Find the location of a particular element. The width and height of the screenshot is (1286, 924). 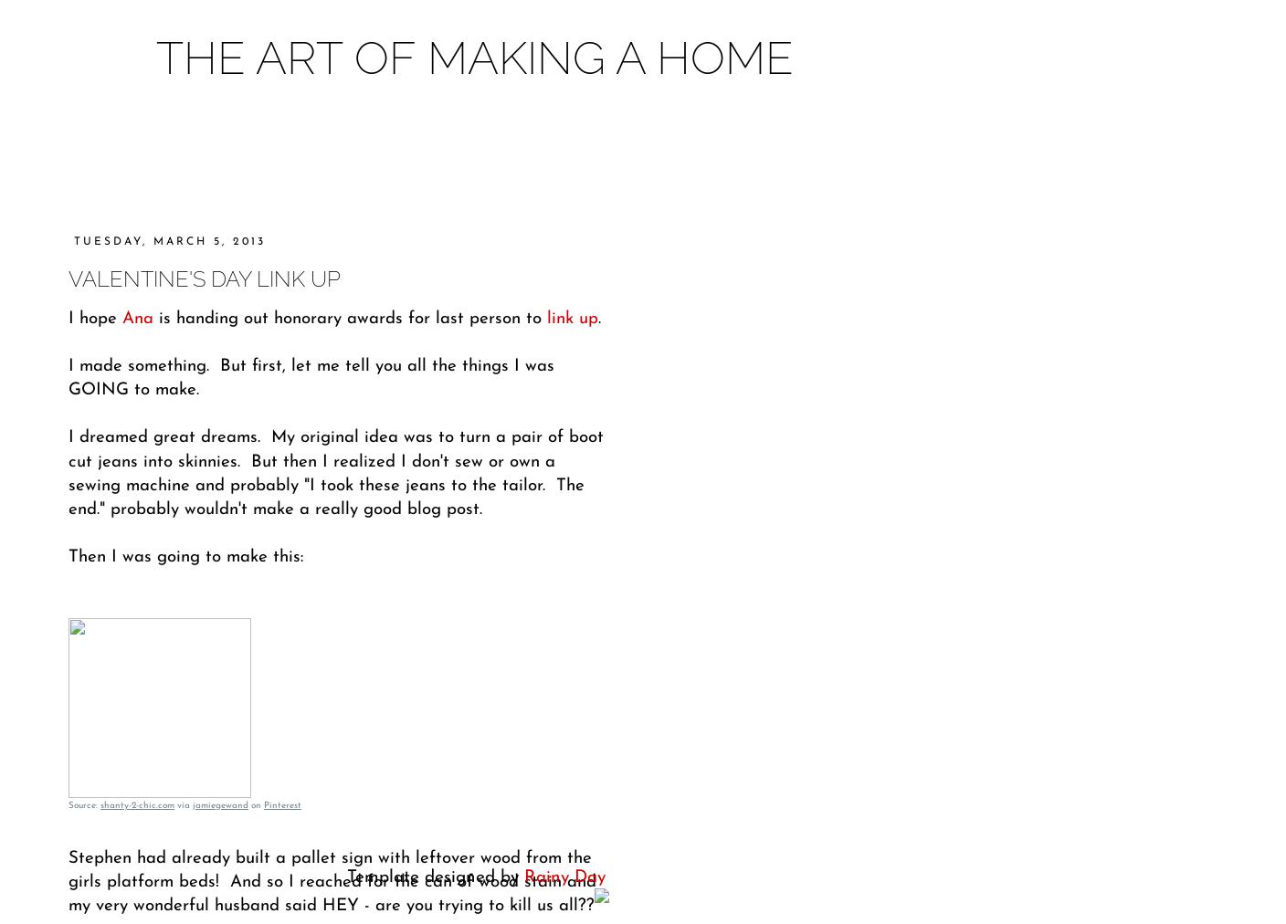

'Style' is located at coordinates (519, 154).